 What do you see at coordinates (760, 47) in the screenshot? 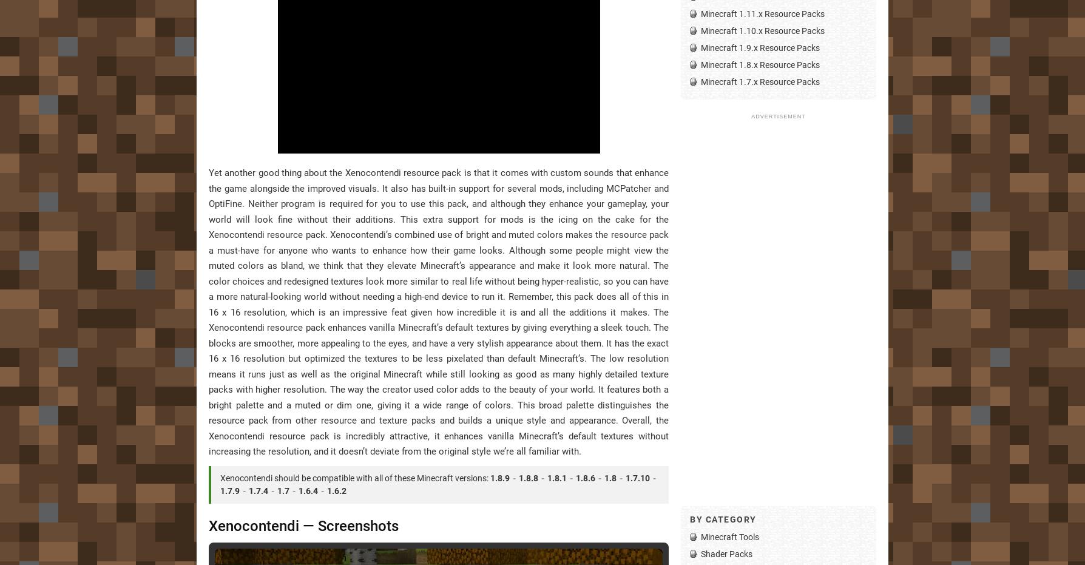
I see `'Minecraft 1.9.x Resource Packs'` at bounding box center [760, 47].